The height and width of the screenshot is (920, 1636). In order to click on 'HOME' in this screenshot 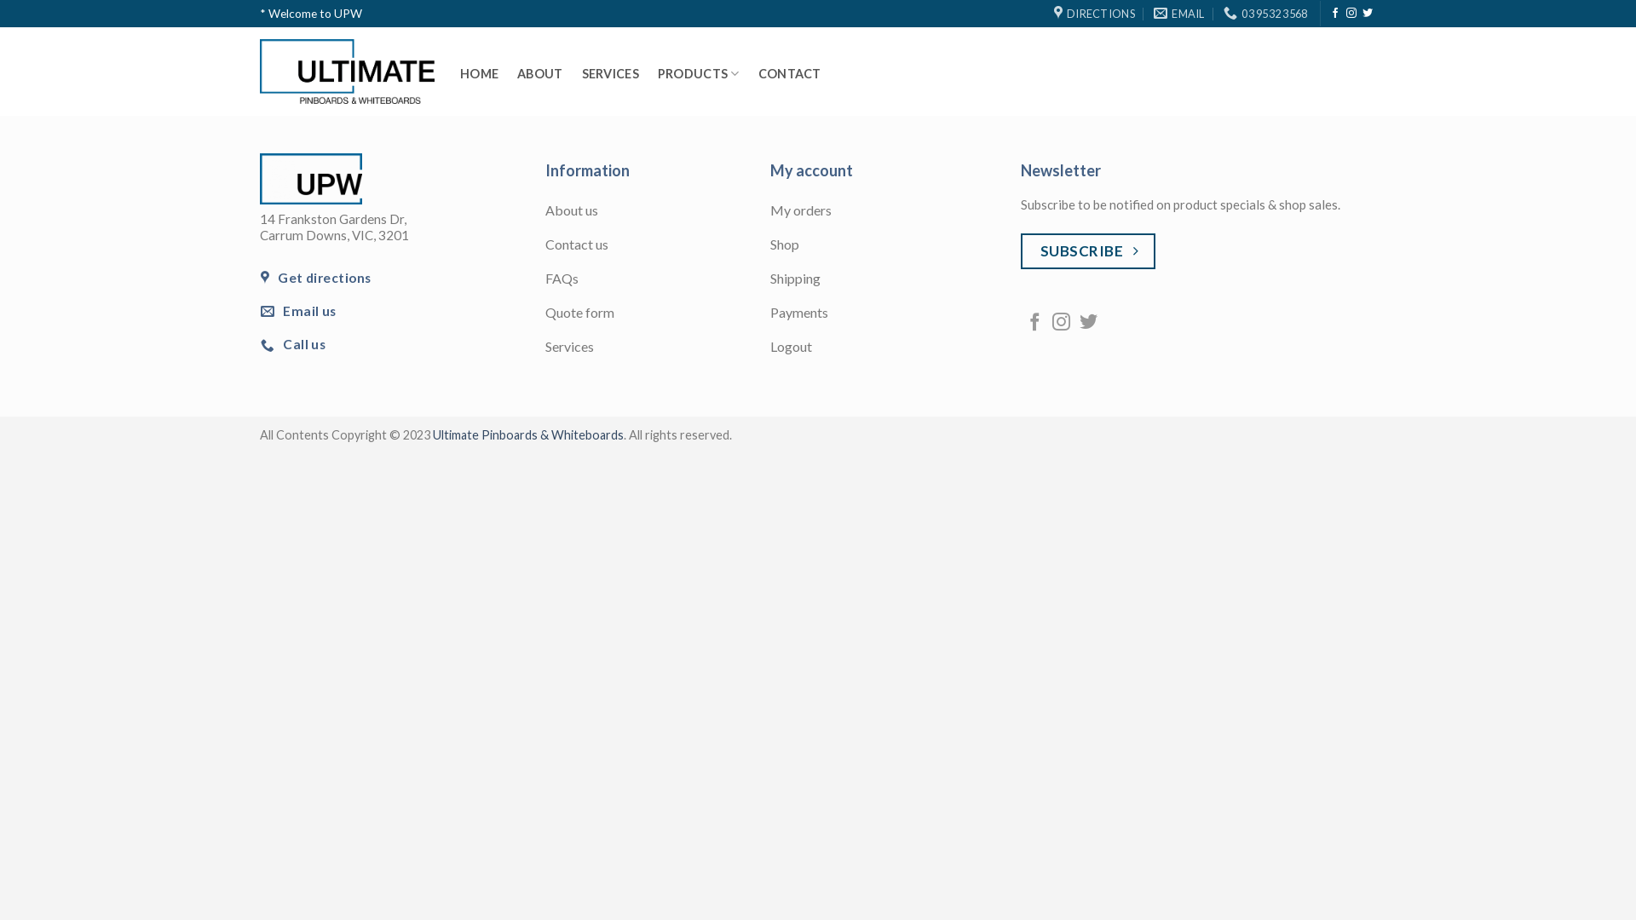, I will do `click(459, 73)`.